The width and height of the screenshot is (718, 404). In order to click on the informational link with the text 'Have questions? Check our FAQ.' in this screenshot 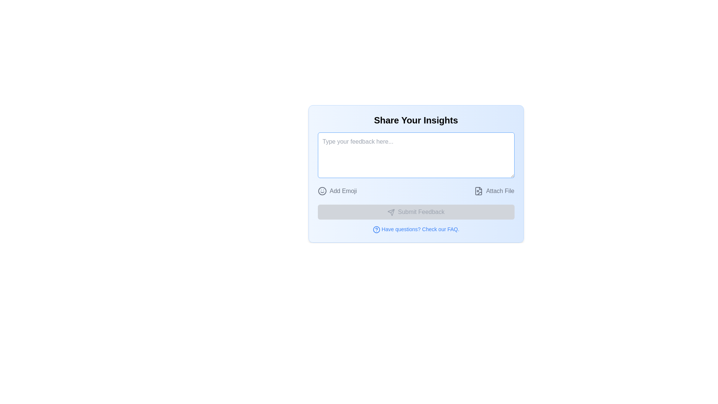, I will do `click(415, 229)`.